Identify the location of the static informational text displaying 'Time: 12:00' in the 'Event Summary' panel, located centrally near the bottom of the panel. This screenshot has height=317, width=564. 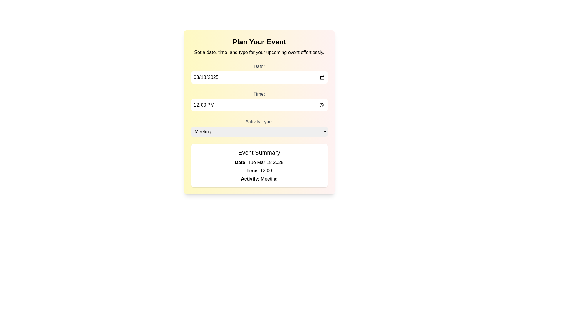
(259, 171).